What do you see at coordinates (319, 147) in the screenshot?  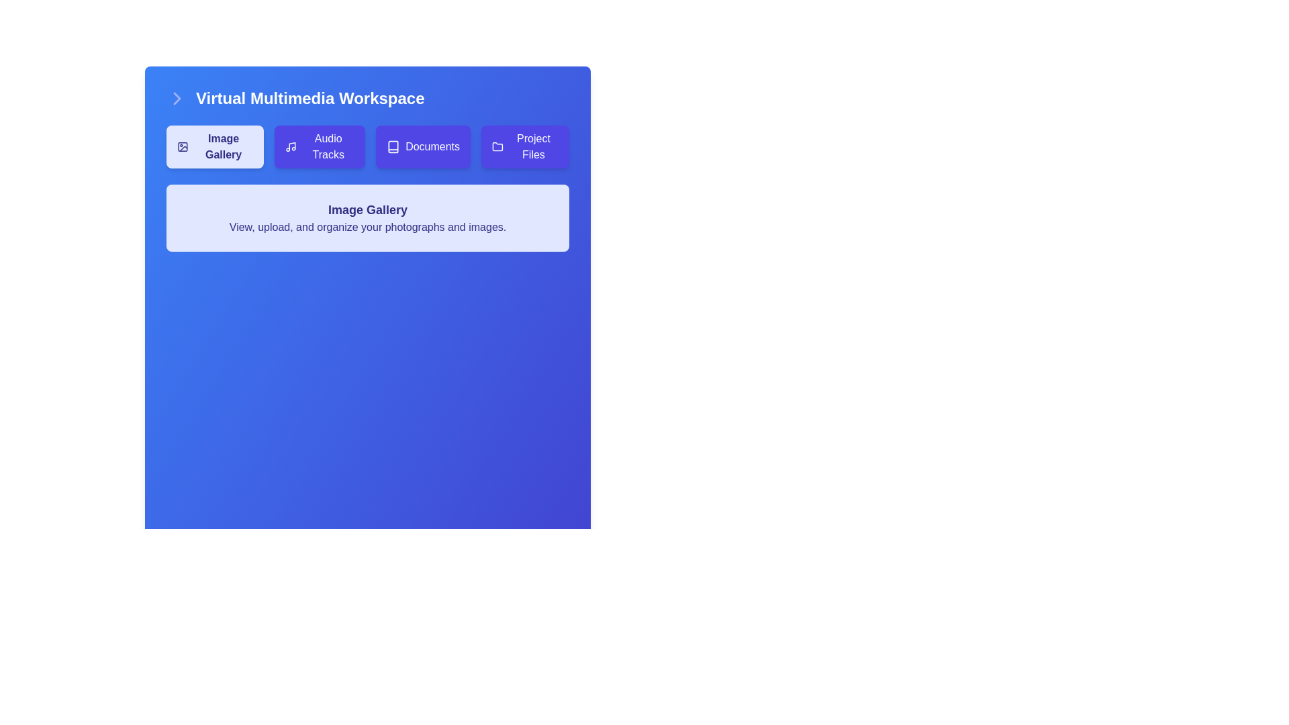 I see `the 'Audio Tracks' button, which is a rectangular button with rounded corners, a blue gradient background, a music note icon on the left, and white text on the right` at bounding box center [319, 147].